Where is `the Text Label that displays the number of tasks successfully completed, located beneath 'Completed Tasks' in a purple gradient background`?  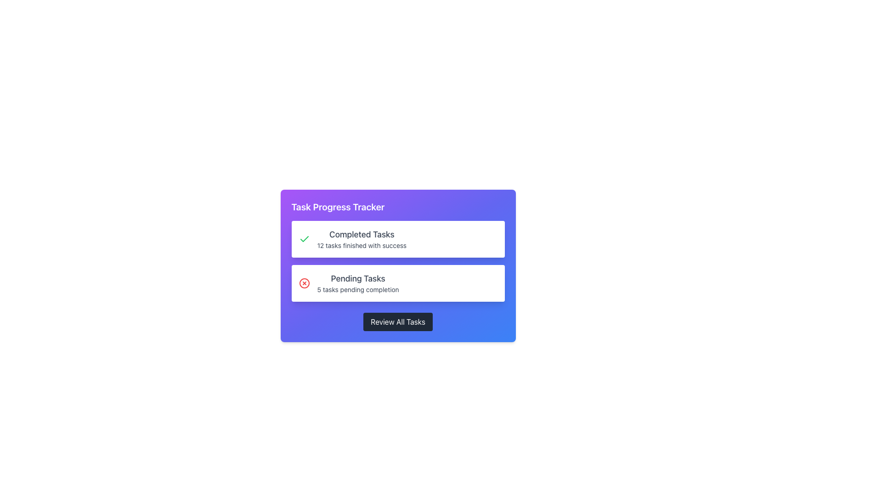 the Text Label that displays the number of tasks successfully completed, located beneath 'Completed Tasks' in a purple gradient background is located at coordinates (361, 245).